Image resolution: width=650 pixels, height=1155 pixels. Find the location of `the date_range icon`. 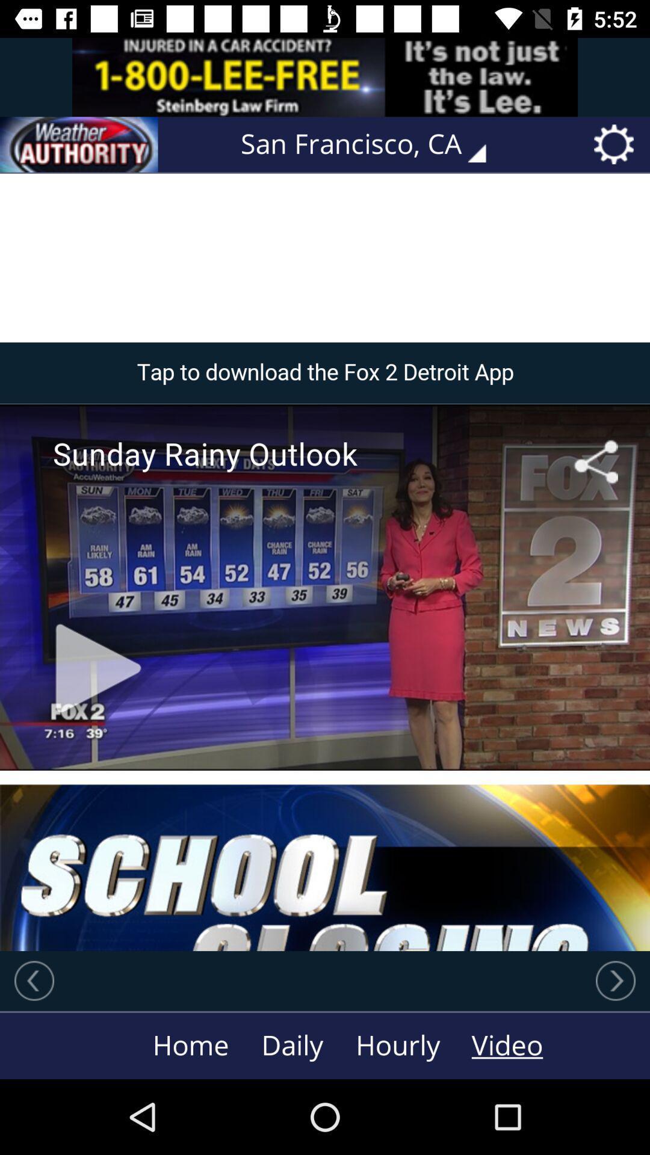

the date_range icon is located at coordinates (79, 144).